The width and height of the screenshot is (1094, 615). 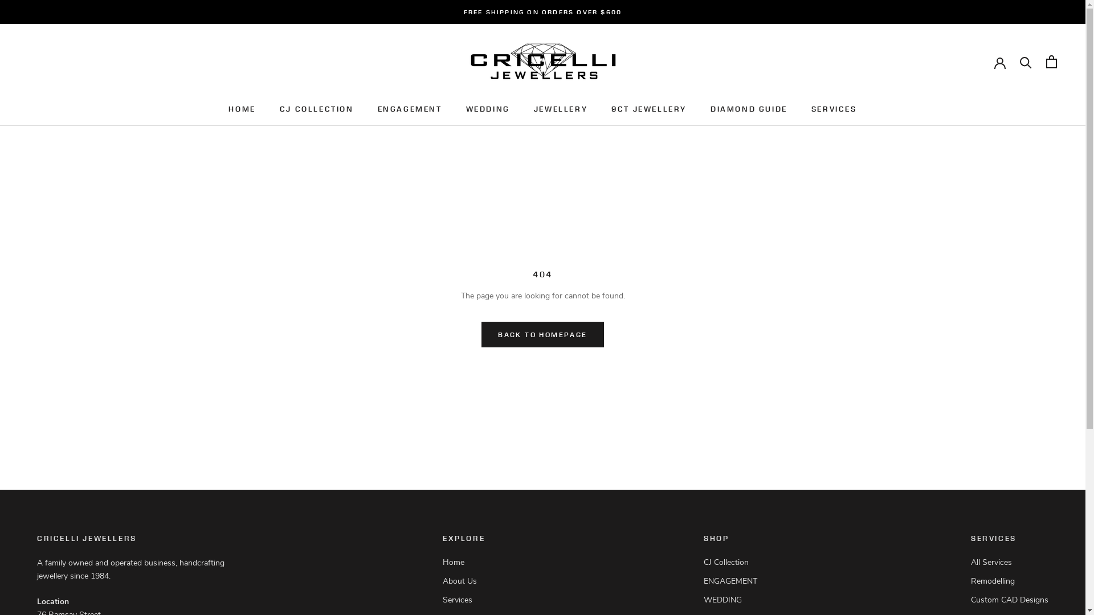 I want to click on 'BACK TO HOMEPAGE', so click(x=541, y=334).